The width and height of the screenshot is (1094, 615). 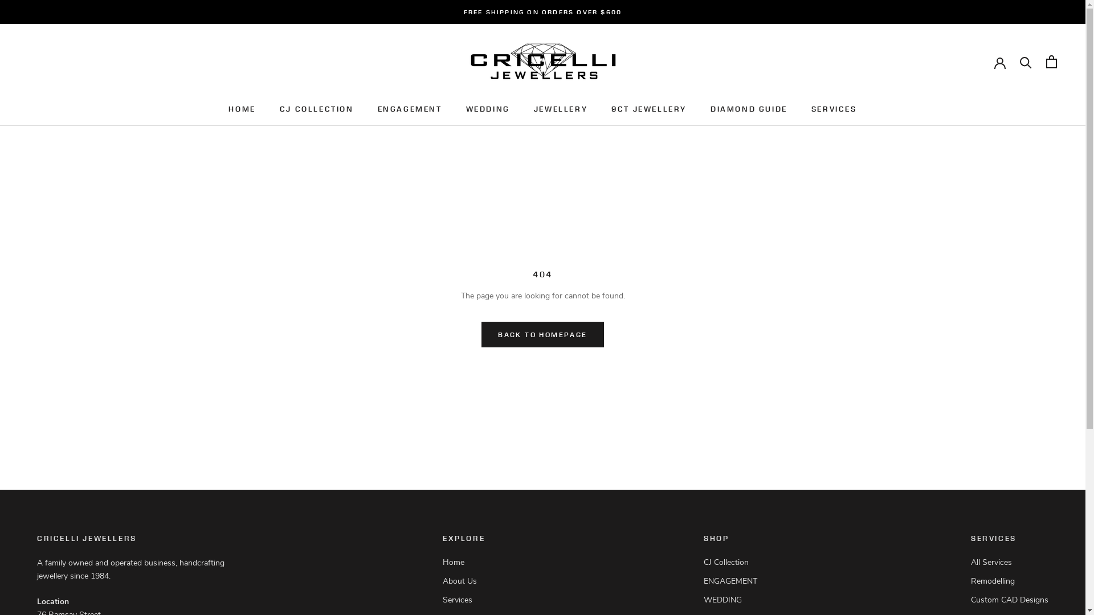 I want to click on 'BACK TO HOMEPAGE', so click(x=541, y=334).